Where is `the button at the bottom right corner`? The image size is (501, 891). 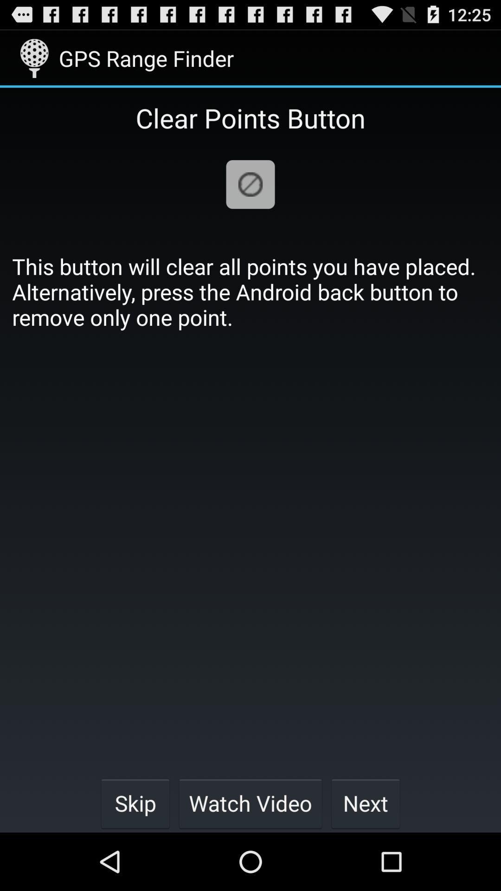
the button at the bottom right corner is located at coordinates (365, 803).